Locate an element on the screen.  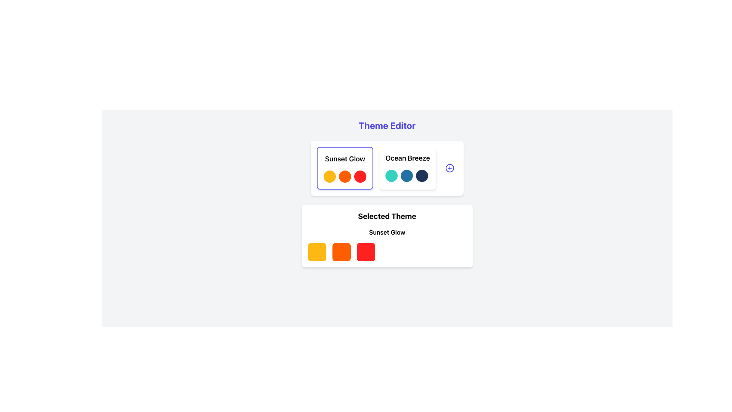
the circular '+' button located under the 'Ocean Breeze' theme card, positioned at the right edge of the theme grid is located at coordinates (449, 167).